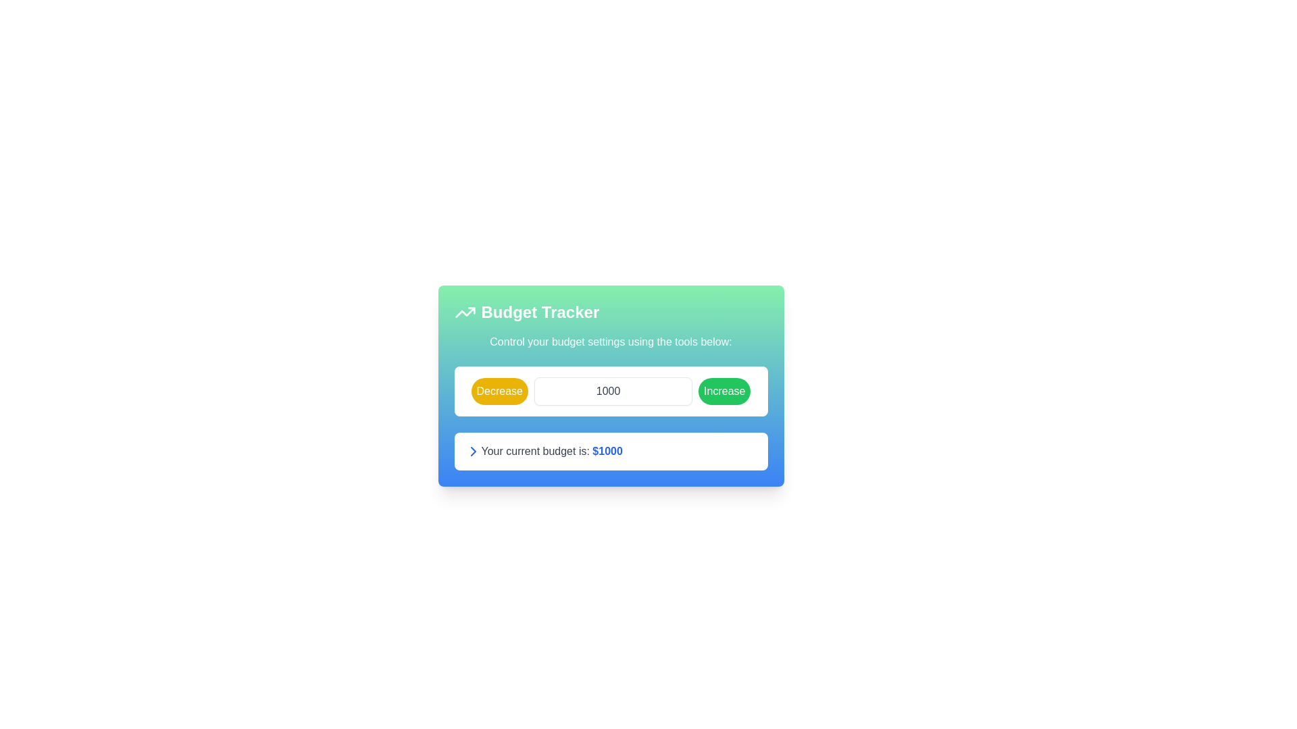 This screenshot has height=729, width=1297. What do you see at coordinates (473, 451) in the screenshot?
I see `the right-pointing chevron icon used for navigation` at bounding box center [473, 451].